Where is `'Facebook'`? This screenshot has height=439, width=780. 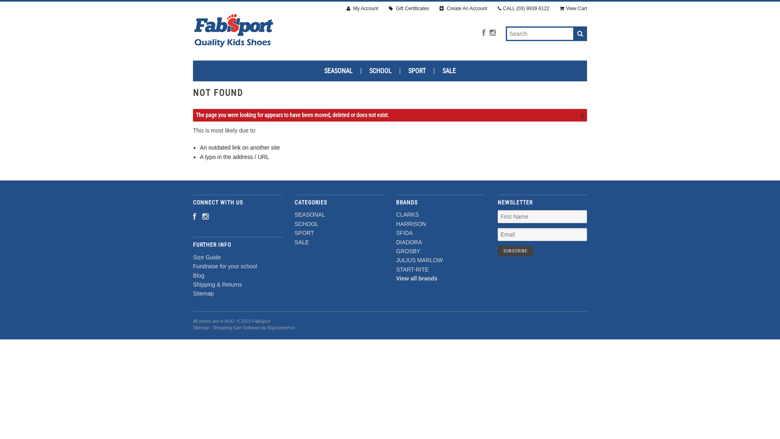
'Facebook' is located at coordinates (482, 33).